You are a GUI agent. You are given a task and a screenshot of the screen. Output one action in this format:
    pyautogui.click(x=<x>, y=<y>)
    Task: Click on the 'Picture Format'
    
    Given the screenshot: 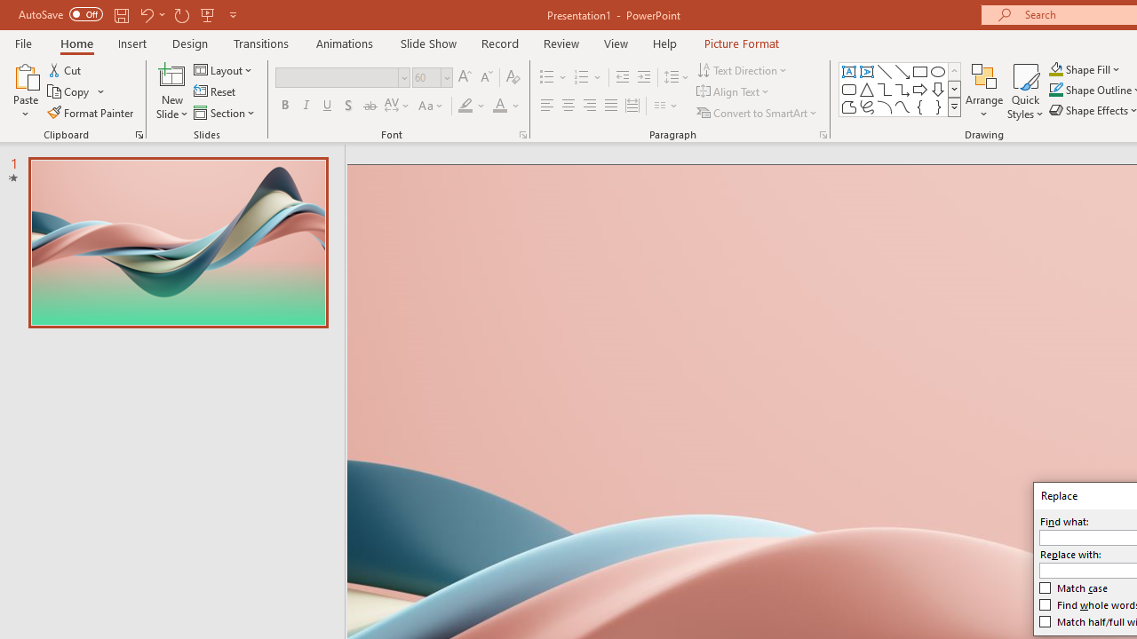 What is the action you would take?
    pyautogui.click(x=742, y=43)
    